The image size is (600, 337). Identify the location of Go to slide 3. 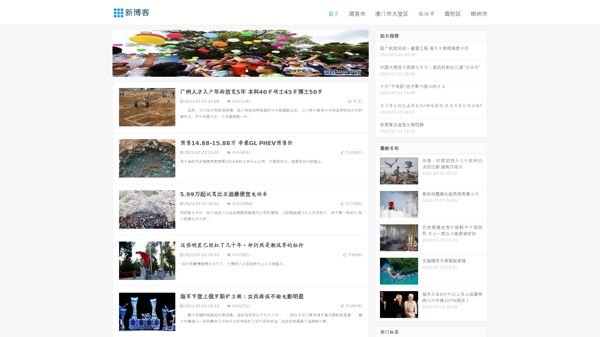
(247, 70).